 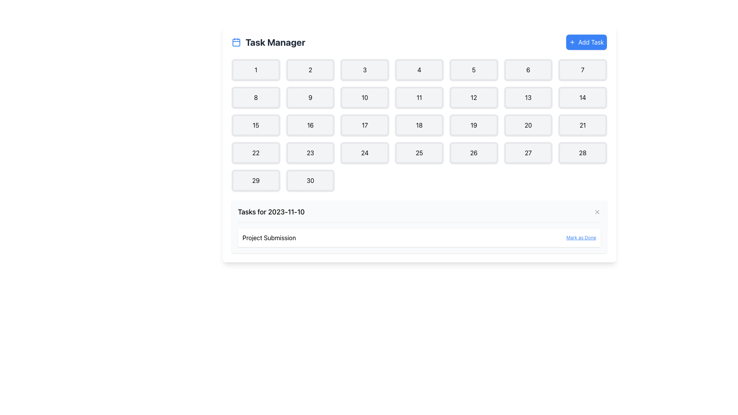 What do you see at coordinates (271, 212) in the screenshot?
I see `the content of the Text Label that serves as a heading for the tasks overview section, indicating the date associated with the tasks` at bounding box center [271, 212].